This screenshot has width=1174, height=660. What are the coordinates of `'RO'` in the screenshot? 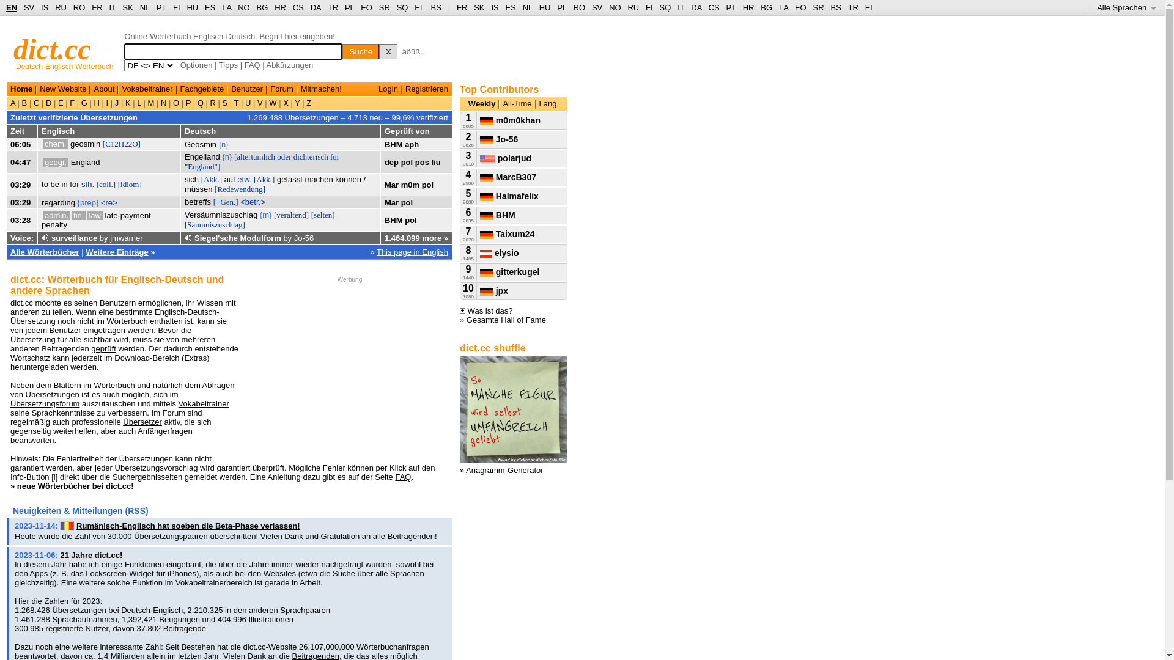 It's located at (579, 7).